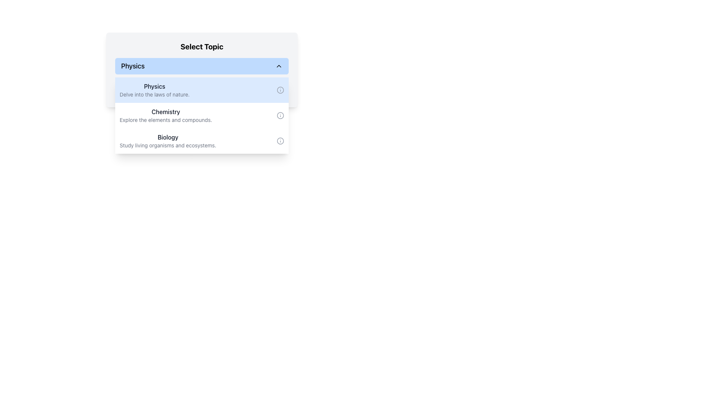 Image resolution: width=718 pixels, height=404 pixels. Describe the element at coordinates (202, 141) in the screenshot. I see `the third selectable list item labeled 'Biology' with the description 'Study living organisms and ecosystems.'` at that location.